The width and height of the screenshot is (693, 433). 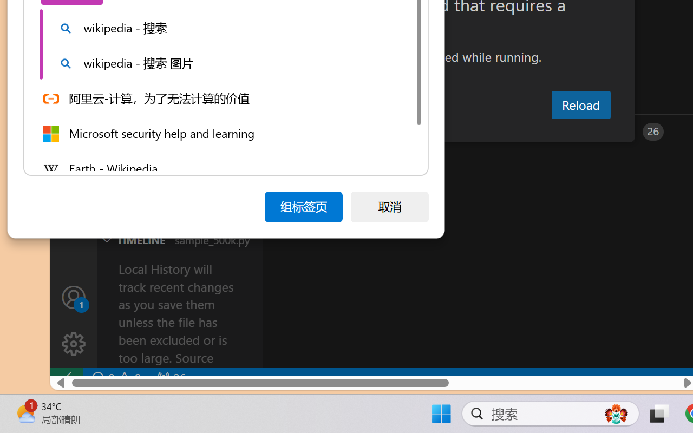 I want to click on 'Reload', so click(x=580, y=104).